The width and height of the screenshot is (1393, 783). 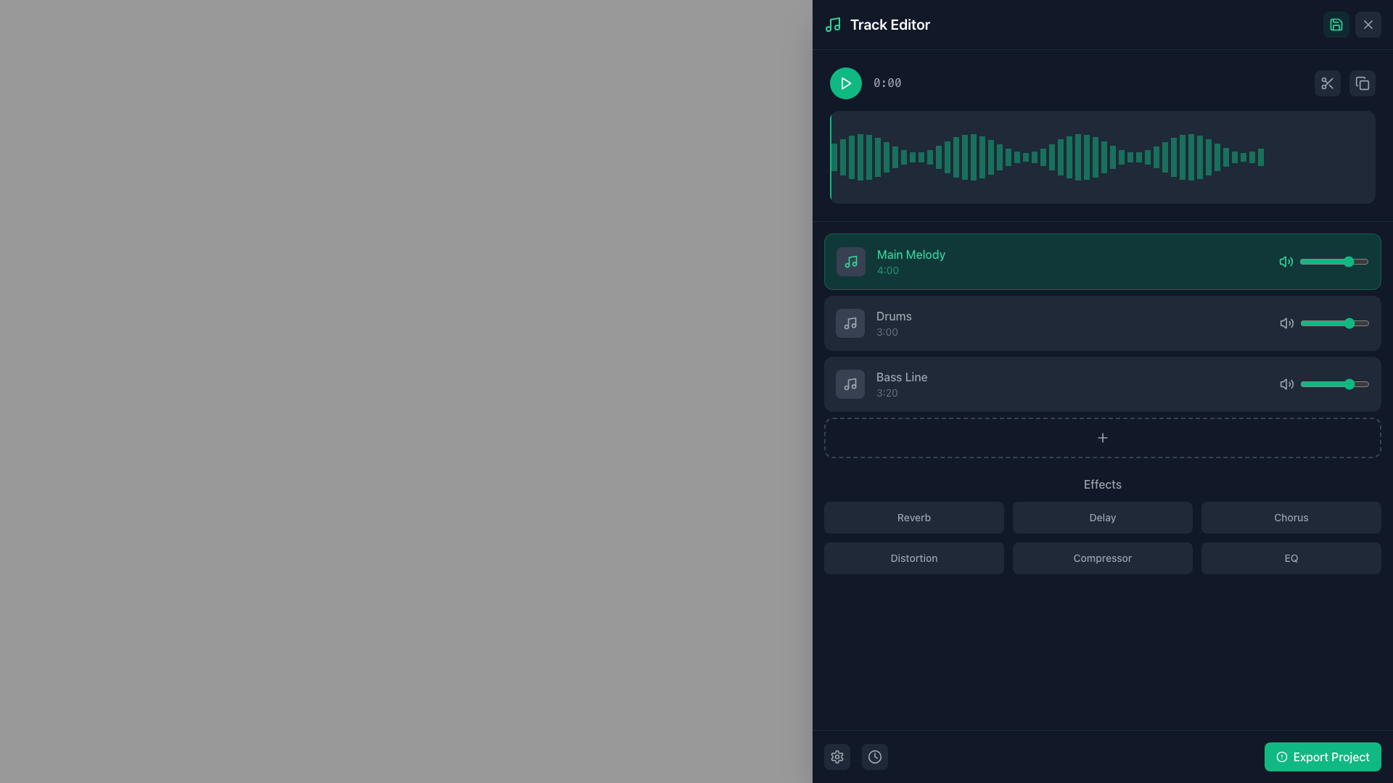 I want to click on the 14th vertical bar in the waveform segment indicator, which visually represents a portion of the audio track's intensity or frequency, so click(x=947, y=157).